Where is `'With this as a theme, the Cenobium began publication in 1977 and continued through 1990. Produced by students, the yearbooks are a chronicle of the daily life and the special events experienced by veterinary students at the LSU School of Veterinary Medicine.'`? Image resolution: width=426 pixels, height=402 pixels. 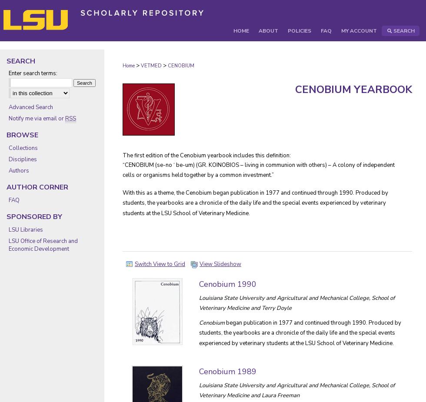
'With this as a theme, the Cenobium began publication in 1977 and continued through 1990. Produced by students, the yearbooks are a chronicle of the daily life and the special events experienced by veterinary students at the LSU School of Veterinary Medicine.' is located at coordinates (255, 203).